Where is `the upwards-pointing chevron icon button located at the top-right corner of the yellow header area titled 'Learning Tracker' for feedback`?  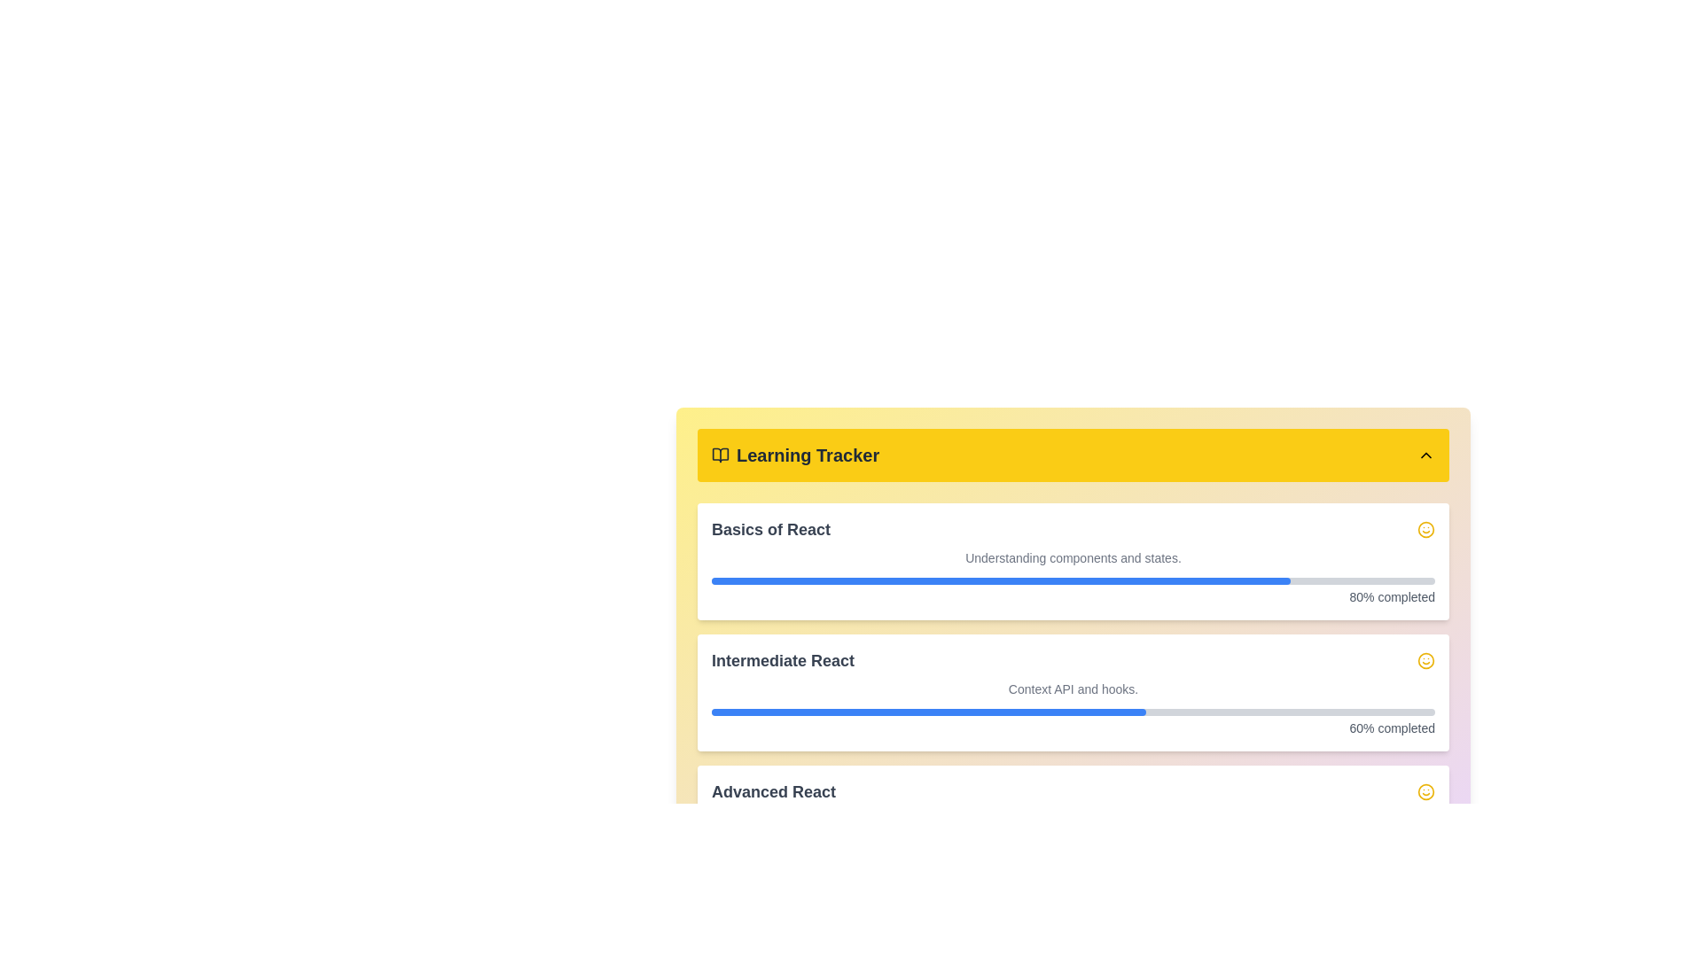
the upwards-pointing chevron icon button located at the top-right corner of the yellow header area titled 'Learning Tracker' for feedback is located at coordinates (1425, 454).